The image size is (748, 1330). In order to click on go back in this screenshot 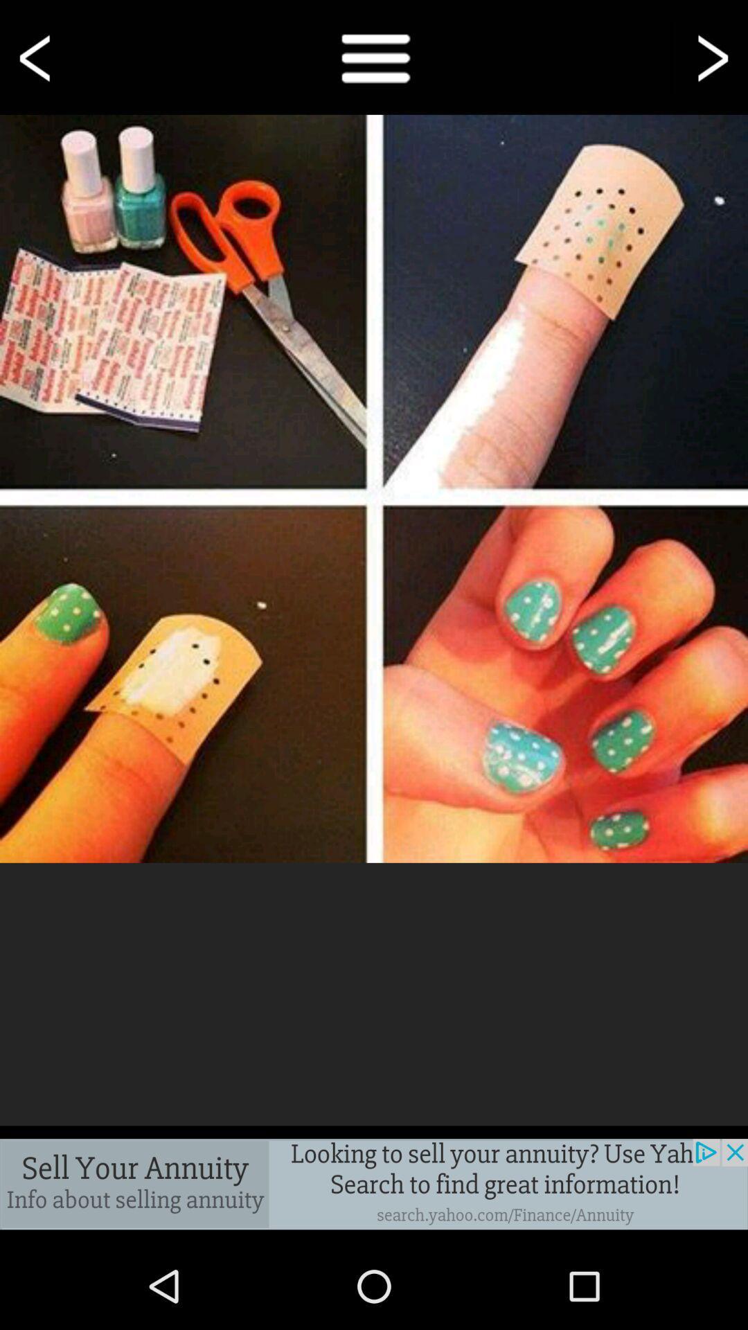, I will do `click(37, 56)`.